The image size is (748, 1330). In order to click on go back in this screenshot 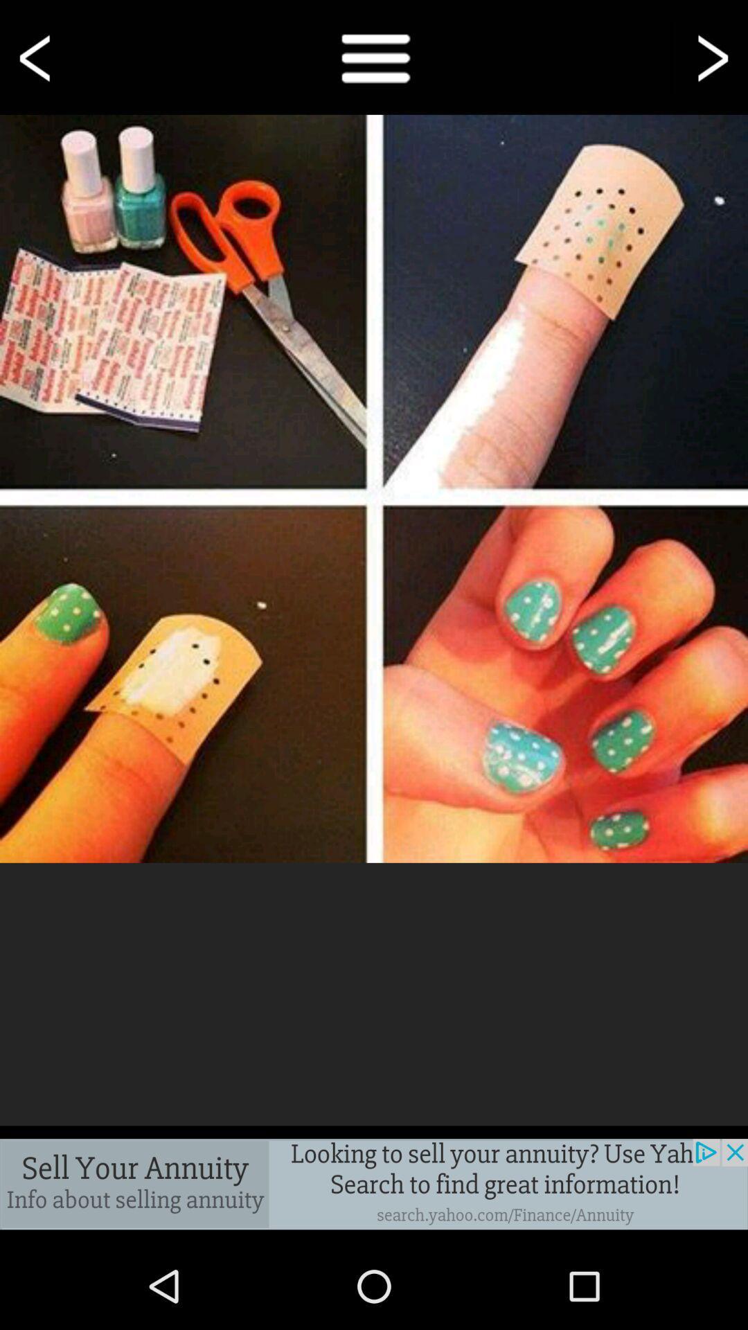, I will do `click(37, 56)`.